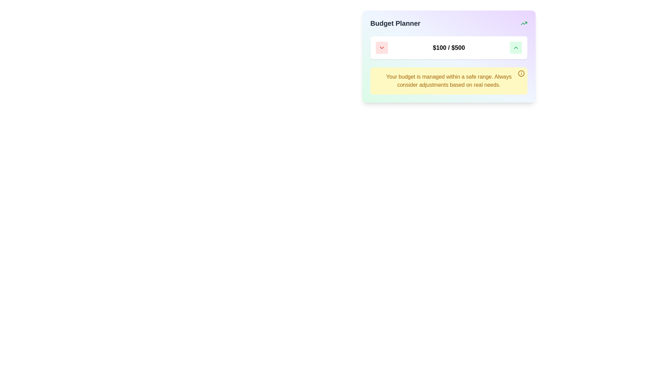 The width and height of the screenshot is (650, 366). What do you see at coordinates (382, 47) in the screenshot?
I see `the chevron icon inside the button to the left of the budget range display ('$100 / $500') in the 'Budget Planner' panel` at bounding box center [382, 47].